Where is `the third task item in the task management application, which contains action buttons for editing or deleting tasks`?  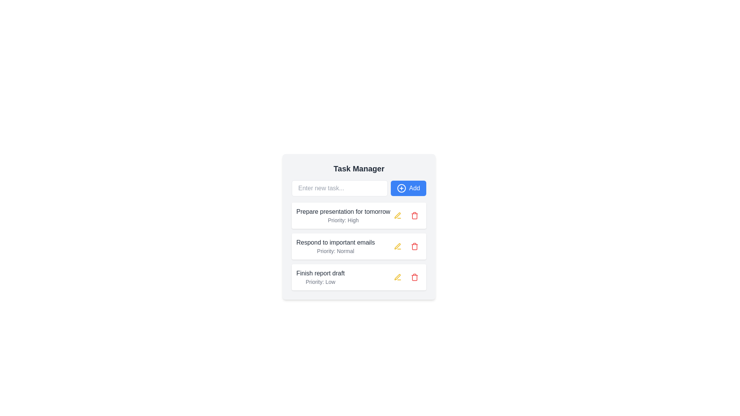 the third task item in the task management application, which contains action buttons for editing or deleting tasks is located at coordinates (358, 277).